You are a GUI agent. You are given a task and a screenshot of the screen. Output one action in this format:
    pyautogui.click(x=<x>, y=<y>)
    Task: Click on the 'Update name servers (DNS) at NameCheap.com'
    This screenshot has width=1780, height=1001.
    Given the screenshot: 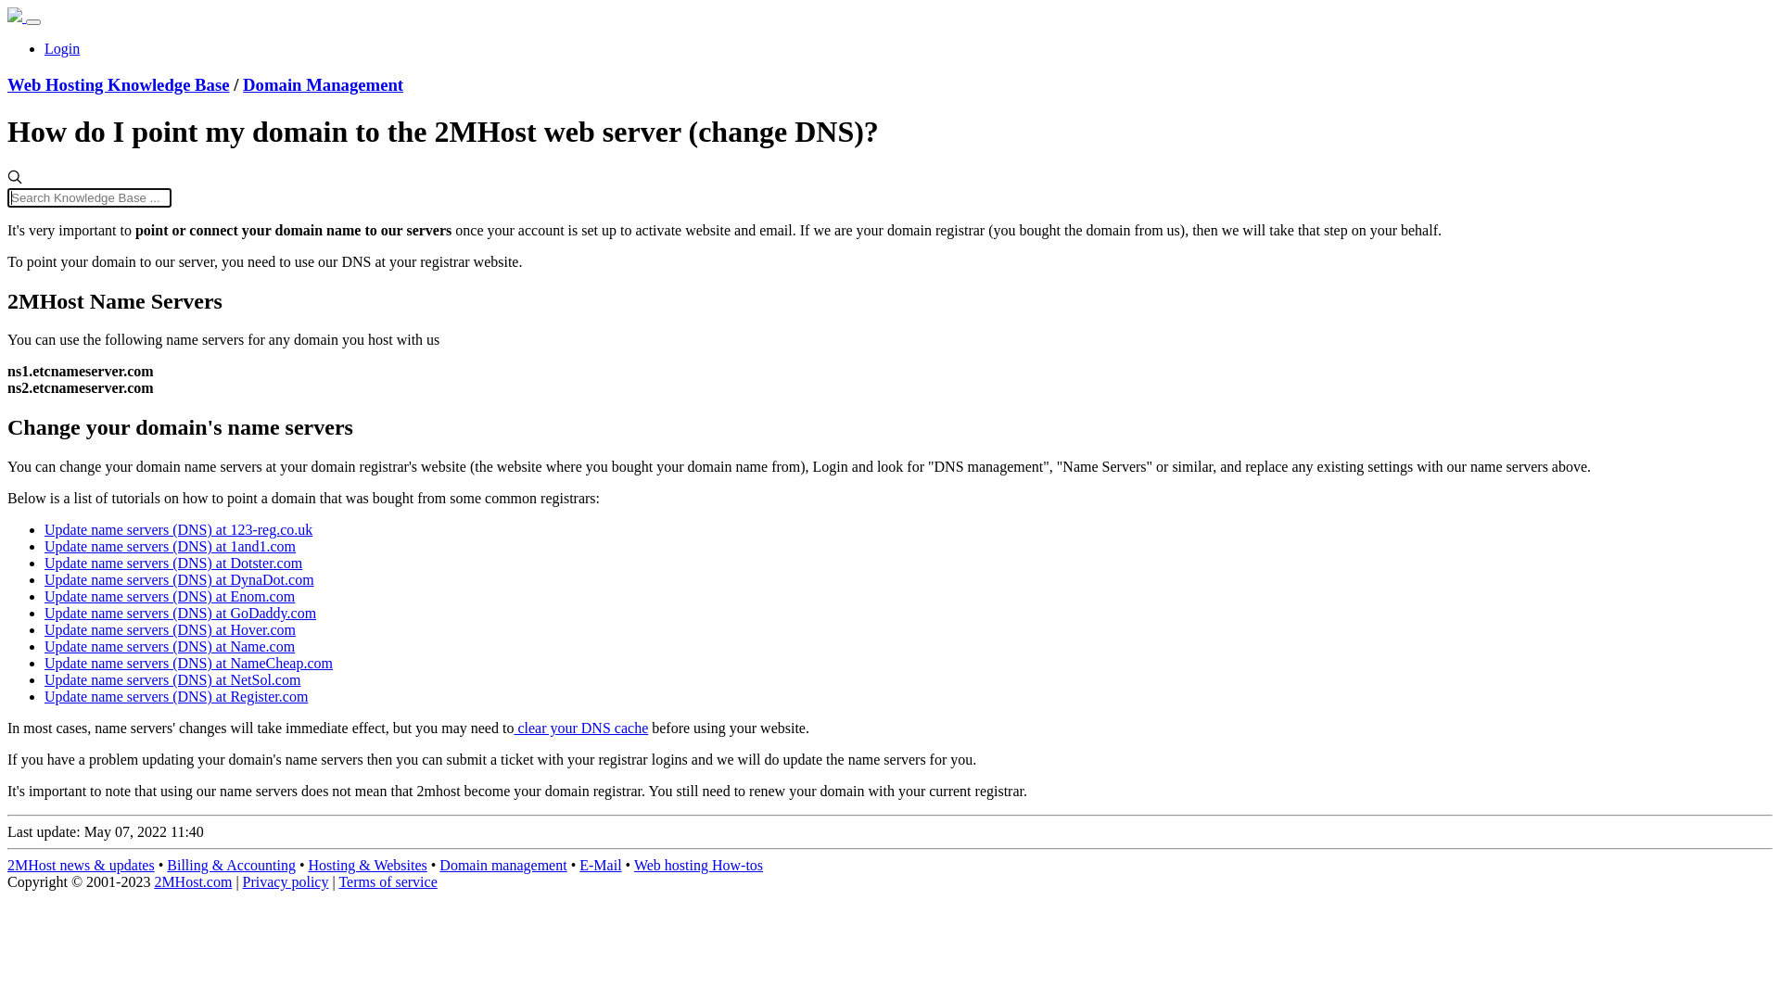 What is the action you would take?
    pyautogui.click(x=44, y=662)
    